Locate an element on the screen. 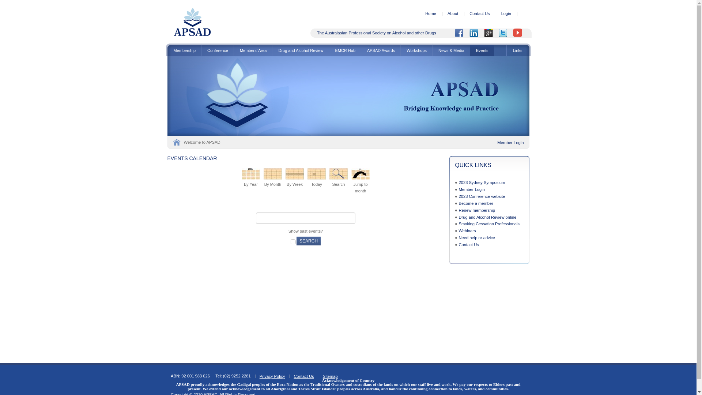  'Jump to month' is located at coordinates (351, 174).